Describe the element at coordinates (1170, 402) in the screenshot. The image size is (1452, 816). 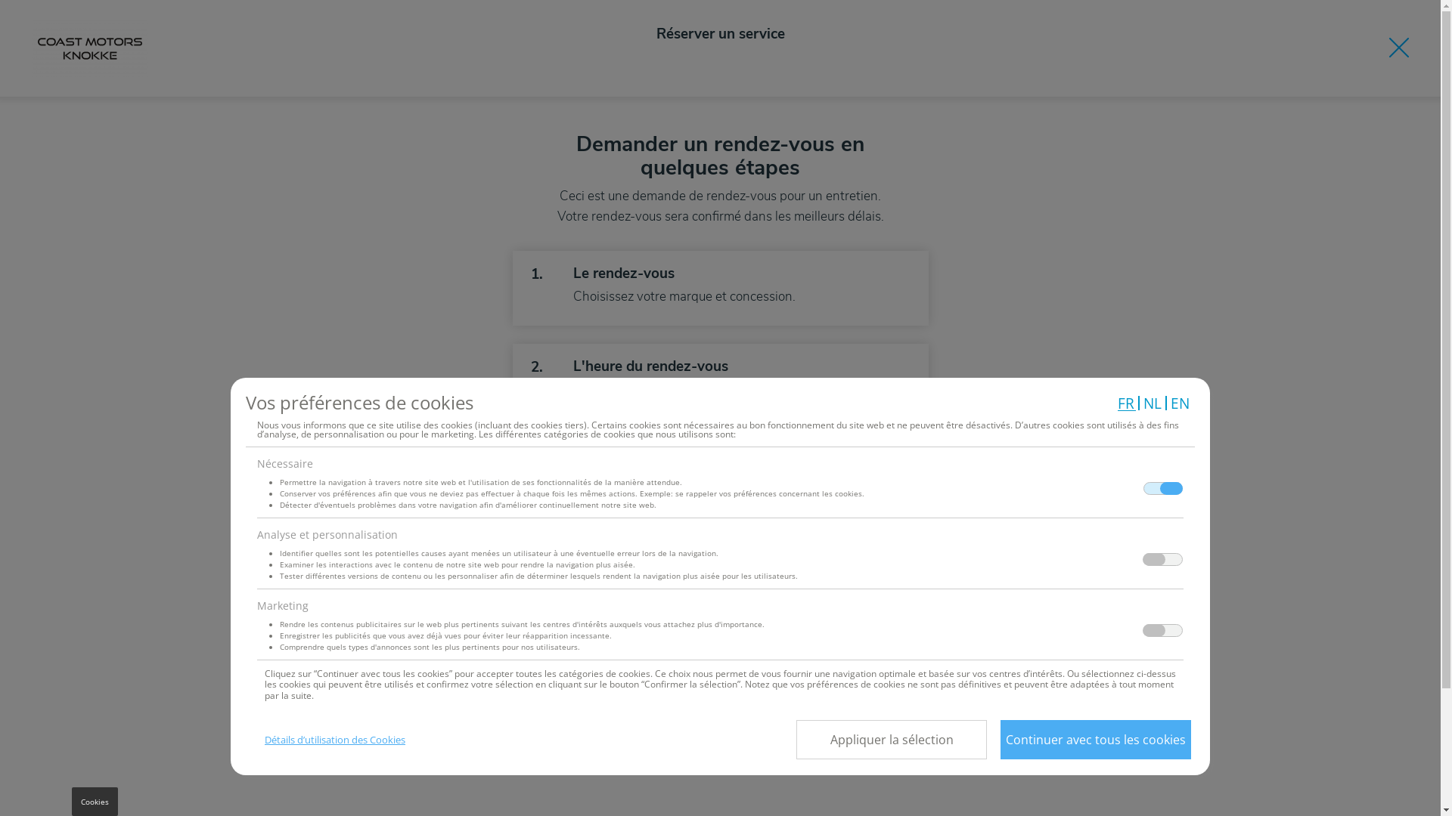
I see `'EN'` at that location.